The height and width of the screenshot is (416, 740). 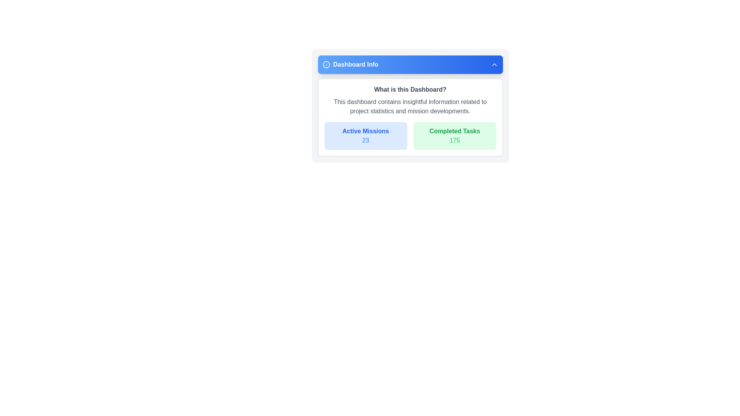 I want to click on the static text element that provides contextual information about the dashboard, which is positioned centrally below the title 'What is this Dashboard?' and above the metrics for 'Active Missions' and 'Completed Tasks', so click(x=410, y=107).